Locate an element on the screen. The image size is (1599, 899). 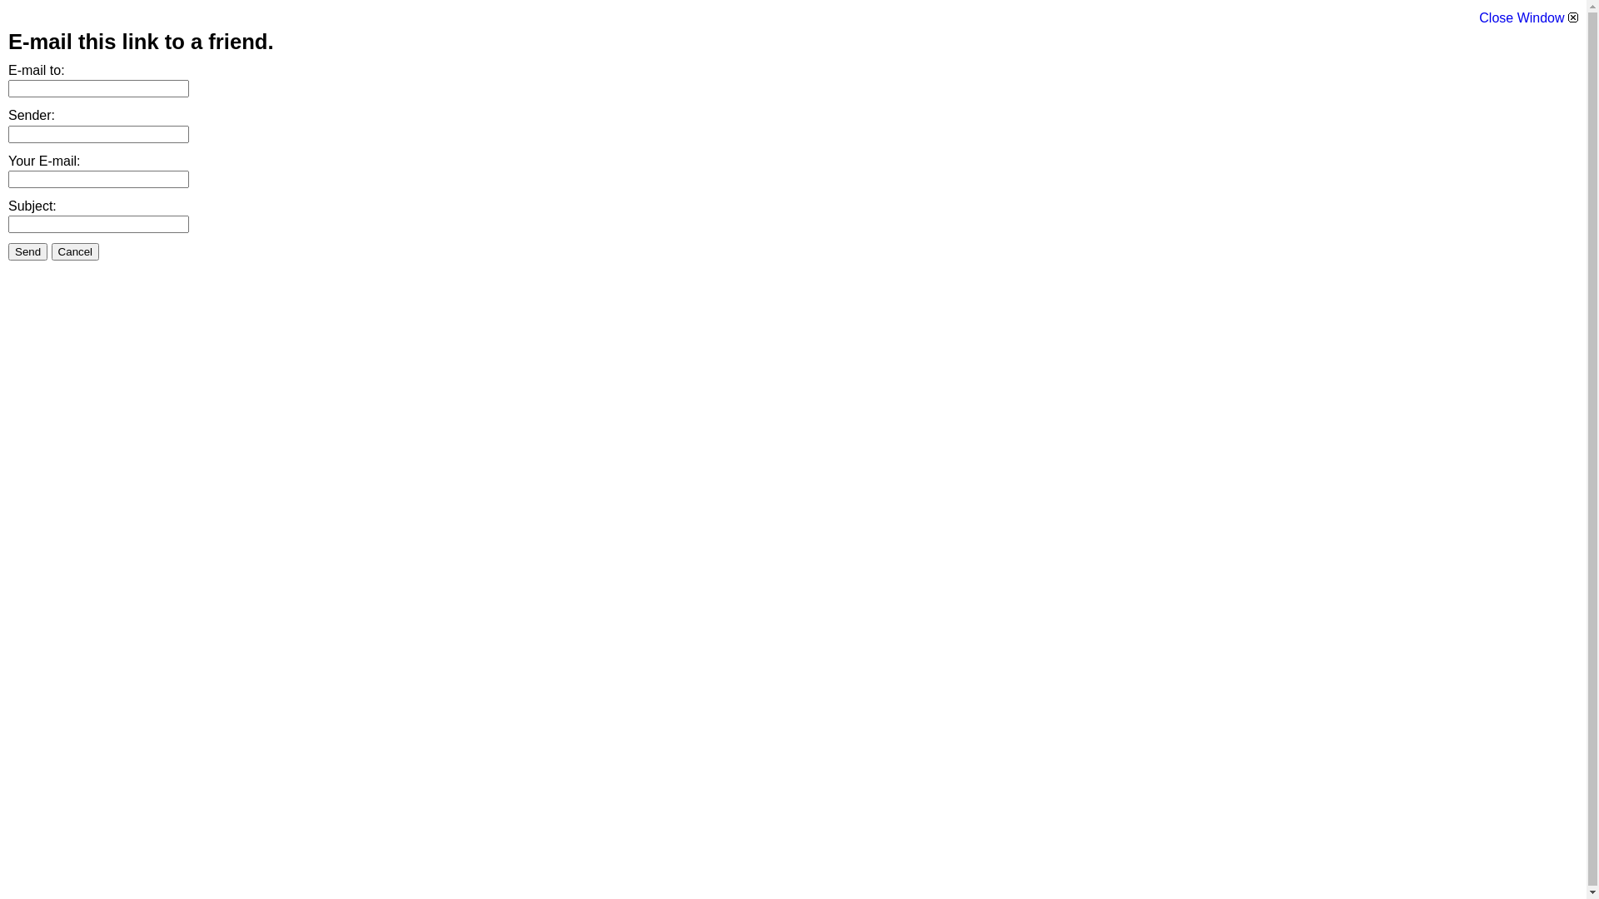
'Send' is located at coordinates (27, 251).